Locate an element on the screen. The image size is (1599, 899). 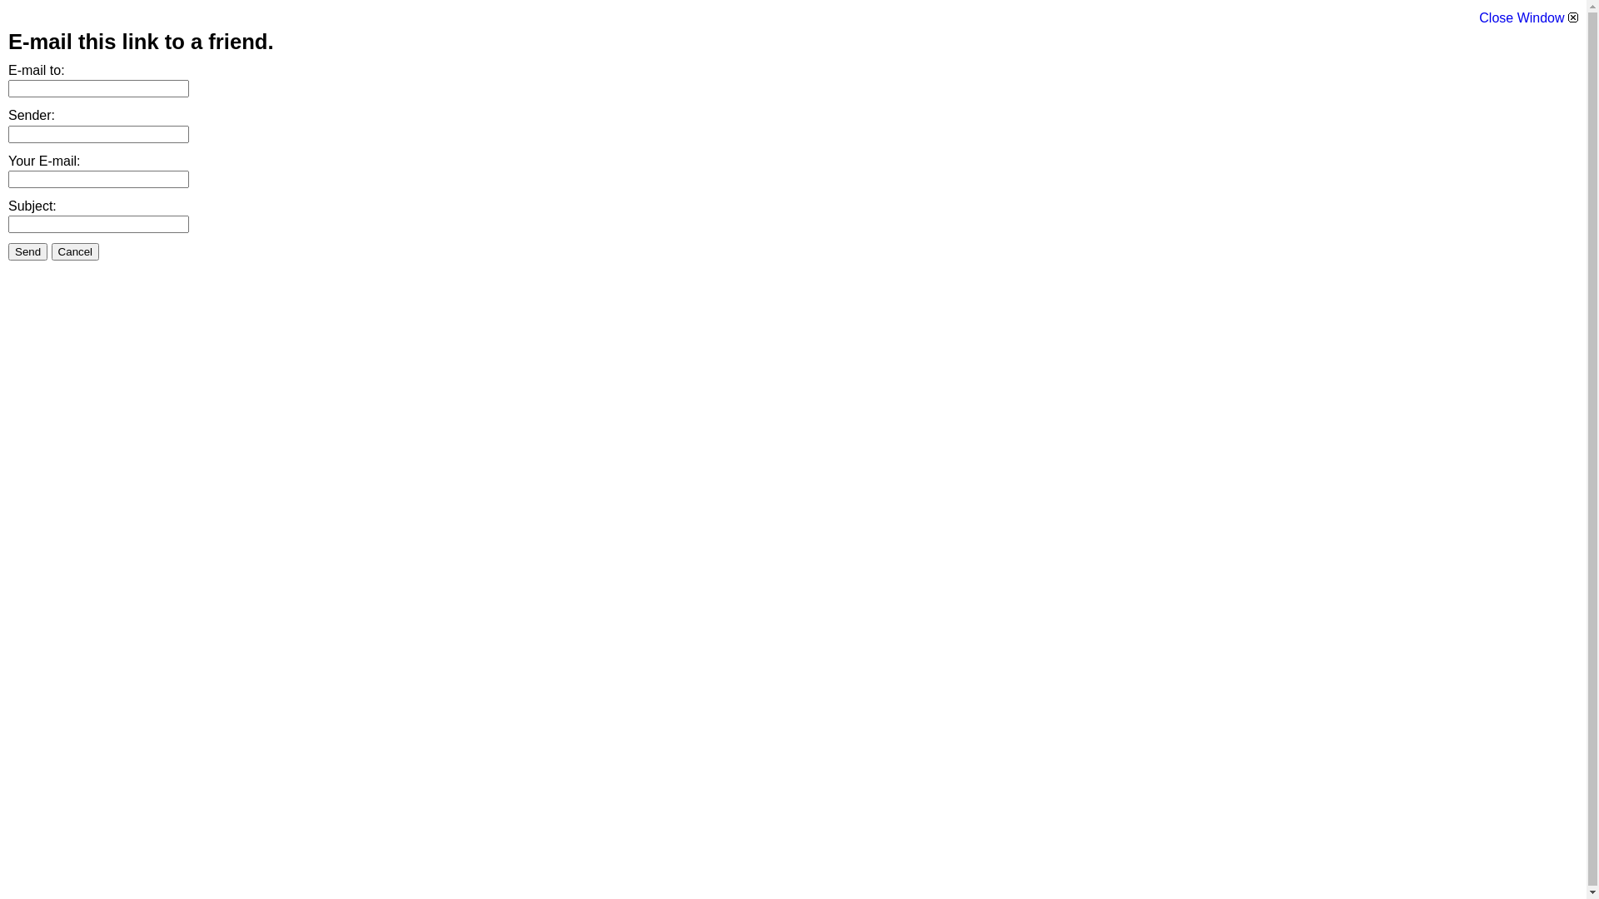
'Send' is located at coordinates (27, 251).